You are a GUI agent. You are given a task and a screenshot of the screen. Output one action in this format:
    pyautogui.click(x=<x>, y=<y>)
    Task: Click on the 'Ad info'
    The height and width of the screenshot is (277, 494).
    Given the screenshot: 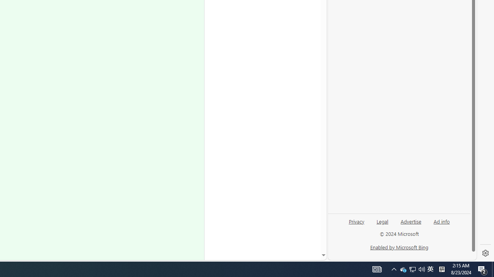 What is the action you would take?
    pyautogui.click(x=442, y=221)
    